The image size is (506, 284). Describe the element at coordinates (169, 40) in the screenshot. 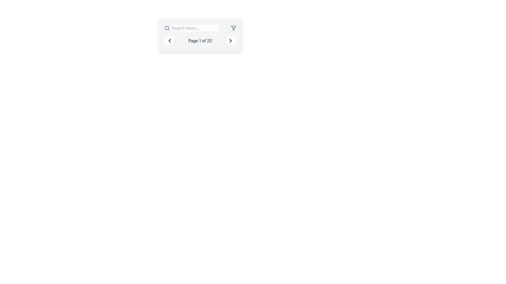

I see `the navigation icon button located in the center of the navigation bar` at that location.